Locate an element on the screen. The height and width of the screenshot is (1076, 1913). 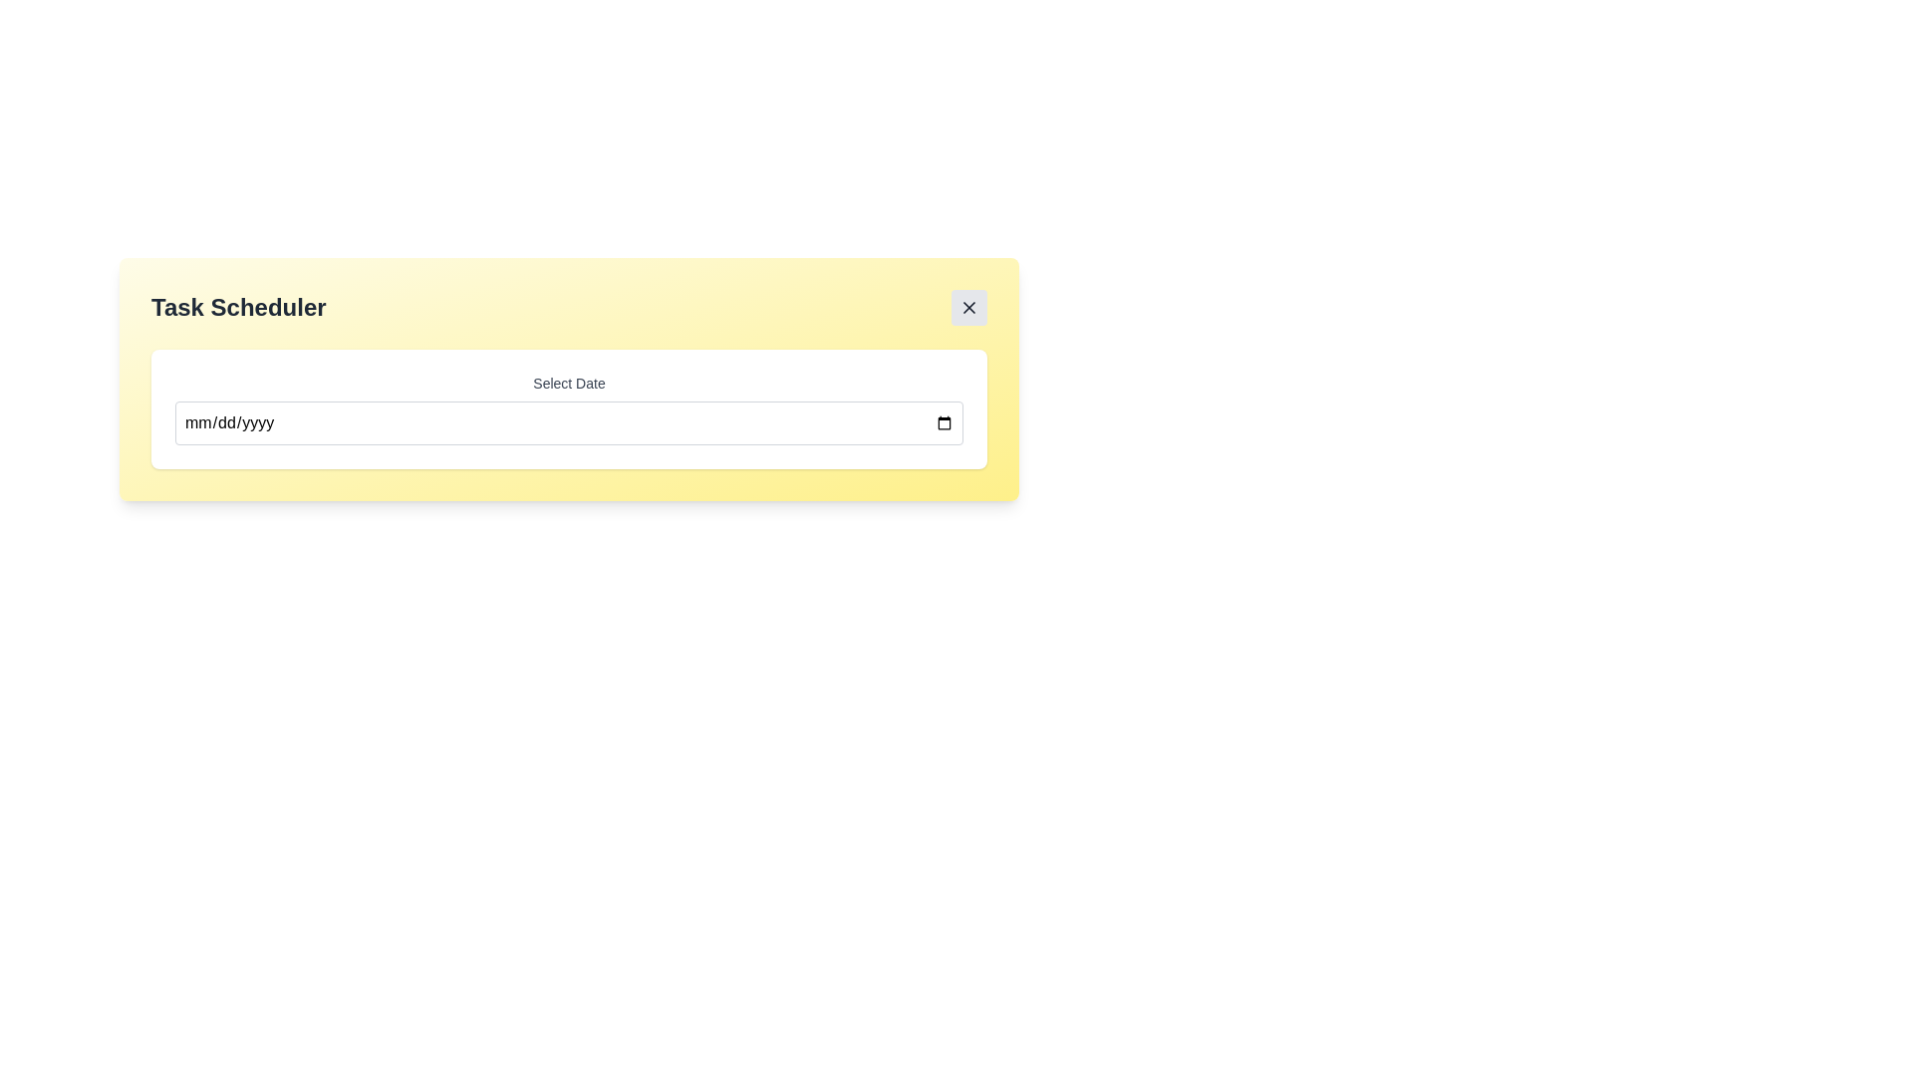
the 'X' icon in the top-right corner of the 'Task Scheduler' card is located at coordinates (969, 307).